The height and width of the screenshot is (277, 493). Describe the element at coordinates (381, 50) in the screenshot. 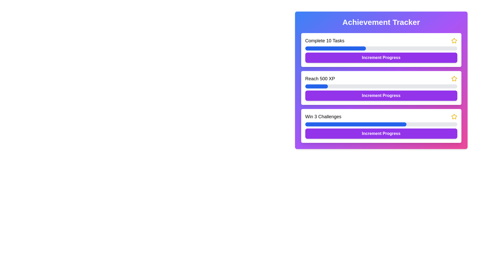

I see `the progress bar of the first task card in the 'Achievement Tracker' section, which displays the goal 'Complete 10 Tasks'` at that location.